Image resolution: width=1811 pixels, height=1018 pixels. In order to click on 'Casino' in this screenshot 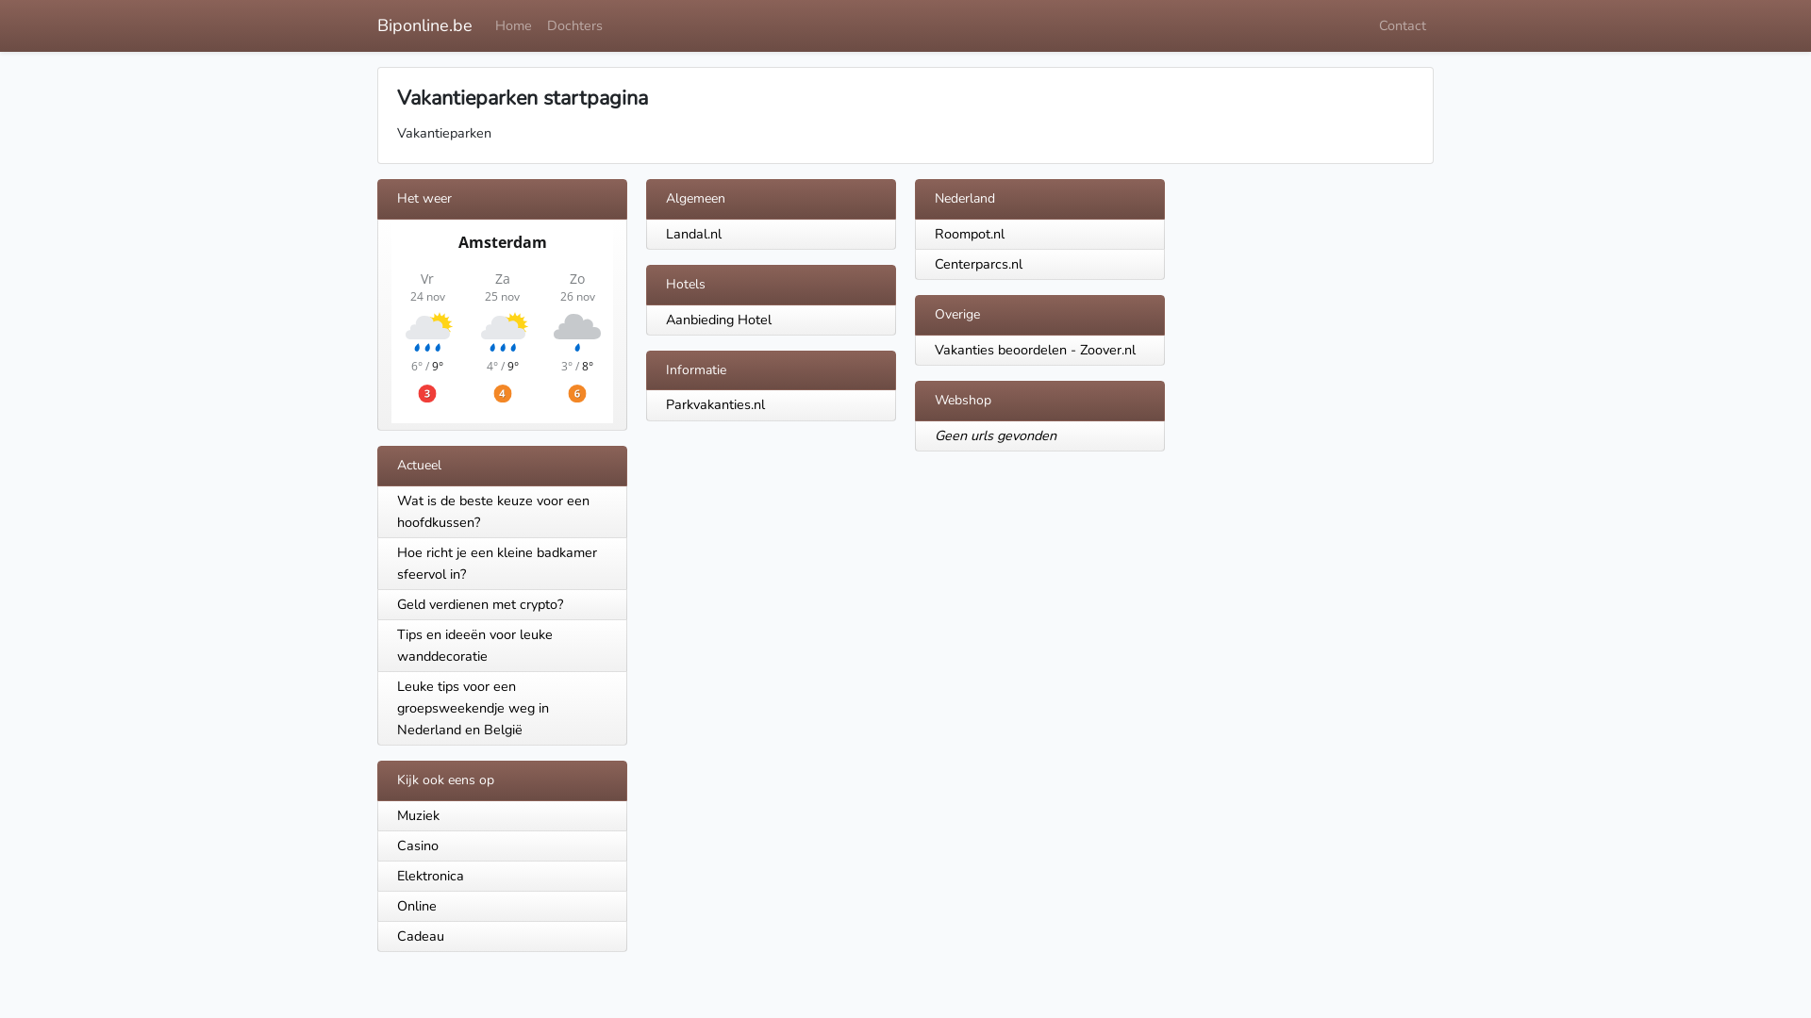, I will do `click(502, 846)`.